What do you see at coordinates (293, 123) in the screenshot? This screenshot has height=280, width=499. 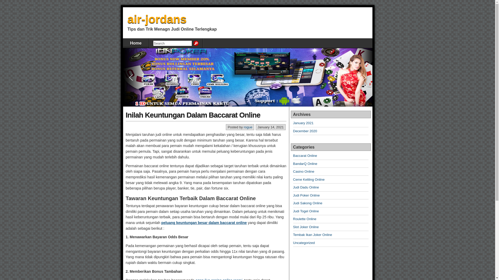 I see `'January 2021'` at bounding box center [293, 123].